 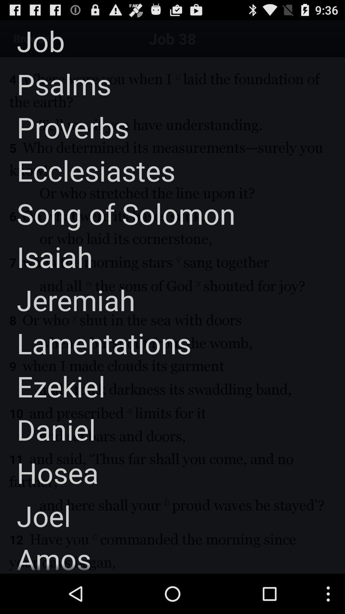 What do you see at coordinates (49, 472) in the screenshot?
I see `the app below the daniel` at bounding box center [49, 472].